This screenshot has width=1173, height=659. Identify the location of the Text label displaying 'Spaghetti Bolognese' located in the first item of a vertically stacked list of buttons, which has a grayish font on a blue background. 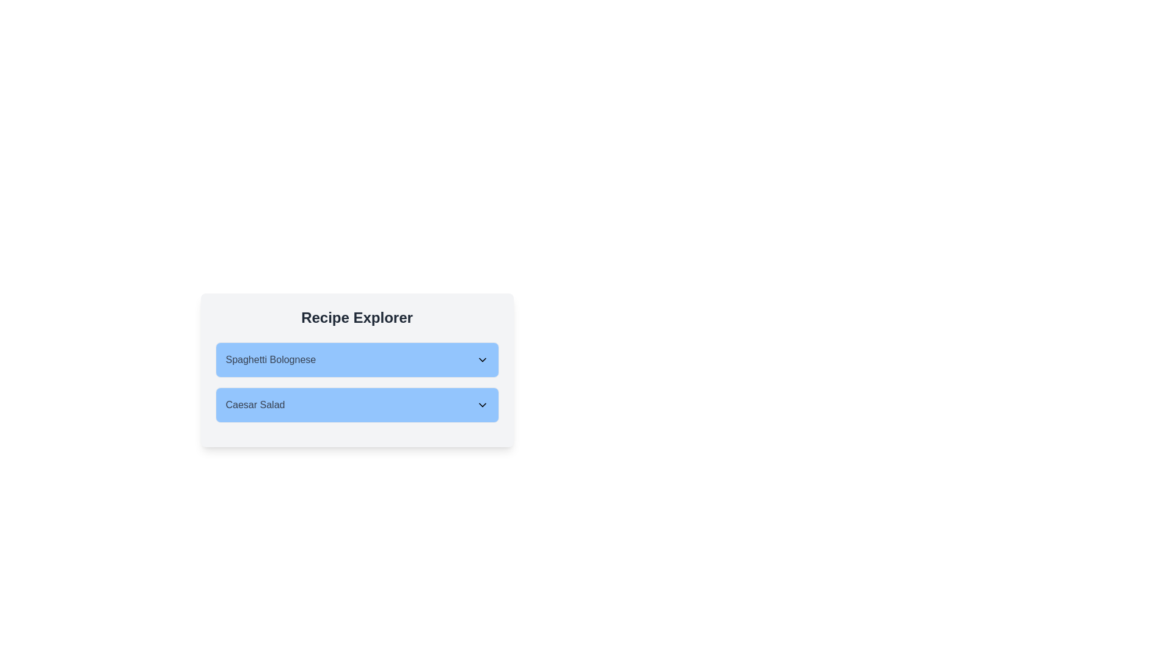
(270, 359).